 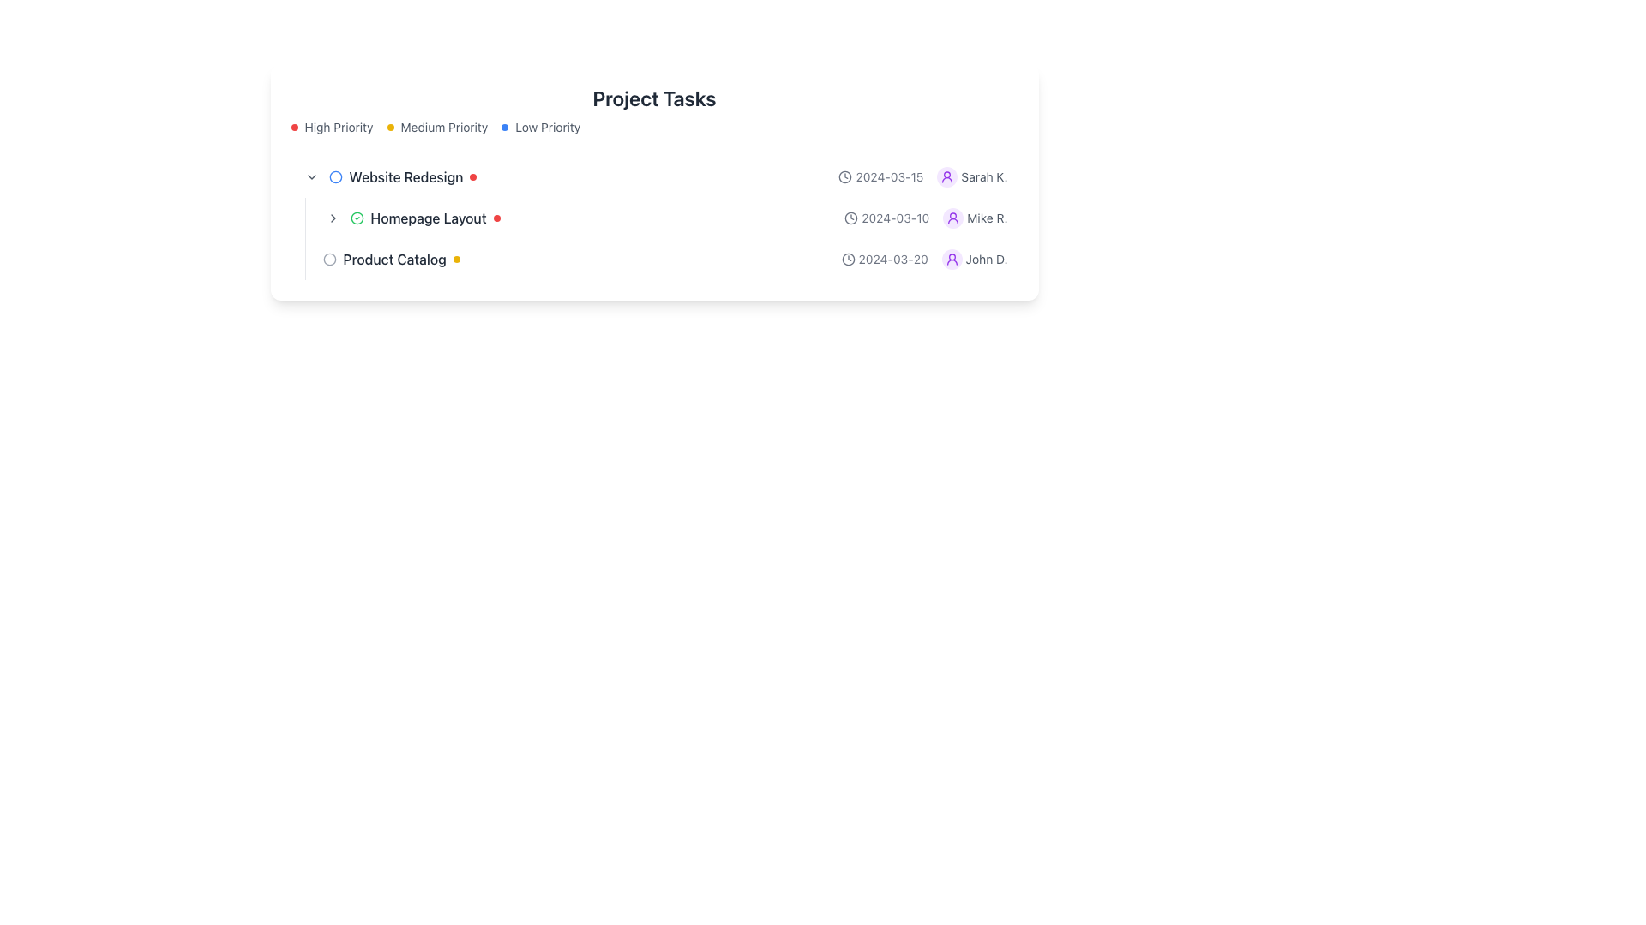 What do you see at coordinates (437, 127) in the screenshot?
I see `the 'Medium Priority' label with a small yellow dot, which is the second item in a list of priority indicators` at bounding box center [437, 127].